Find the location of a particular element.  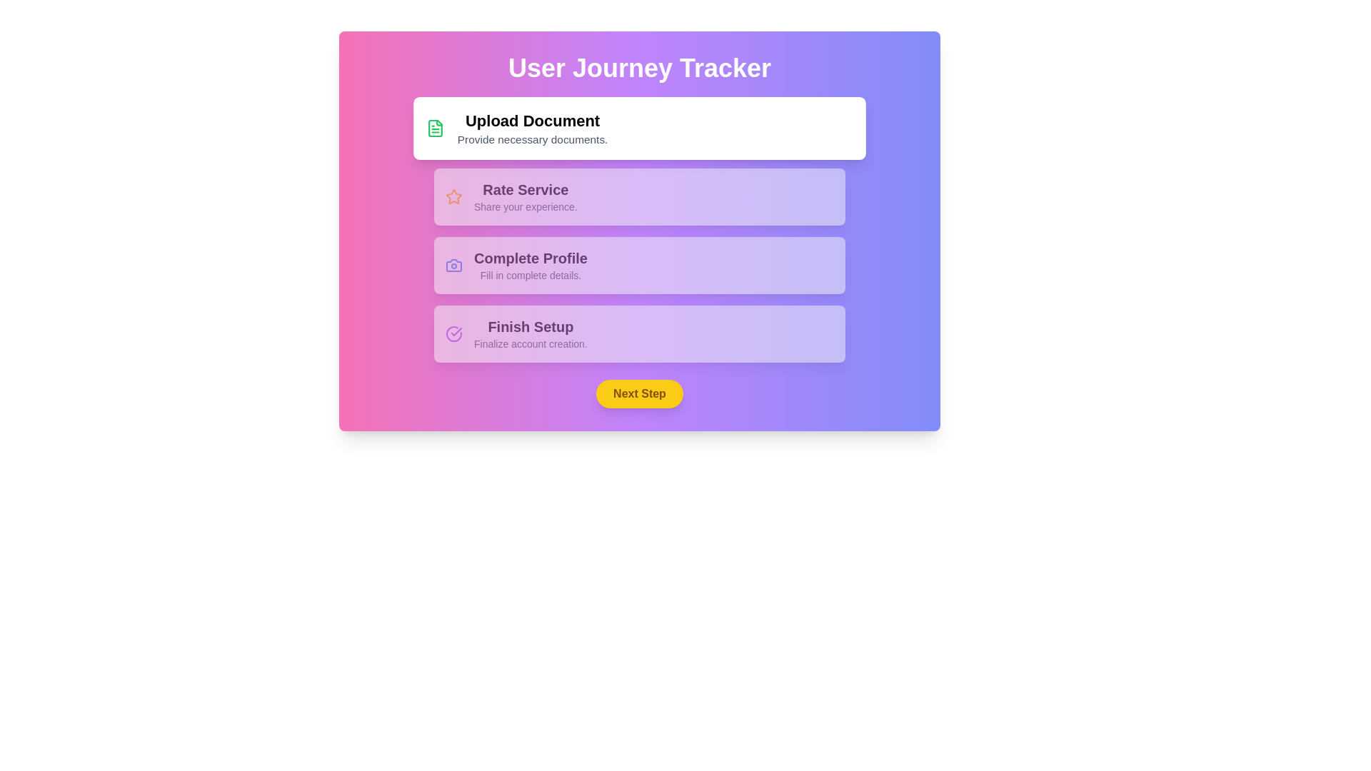

text label providing additional context for the 'Rate Service' feature, which is positioned directly beneath the main label in the same group is located at coordinates (525, 206).